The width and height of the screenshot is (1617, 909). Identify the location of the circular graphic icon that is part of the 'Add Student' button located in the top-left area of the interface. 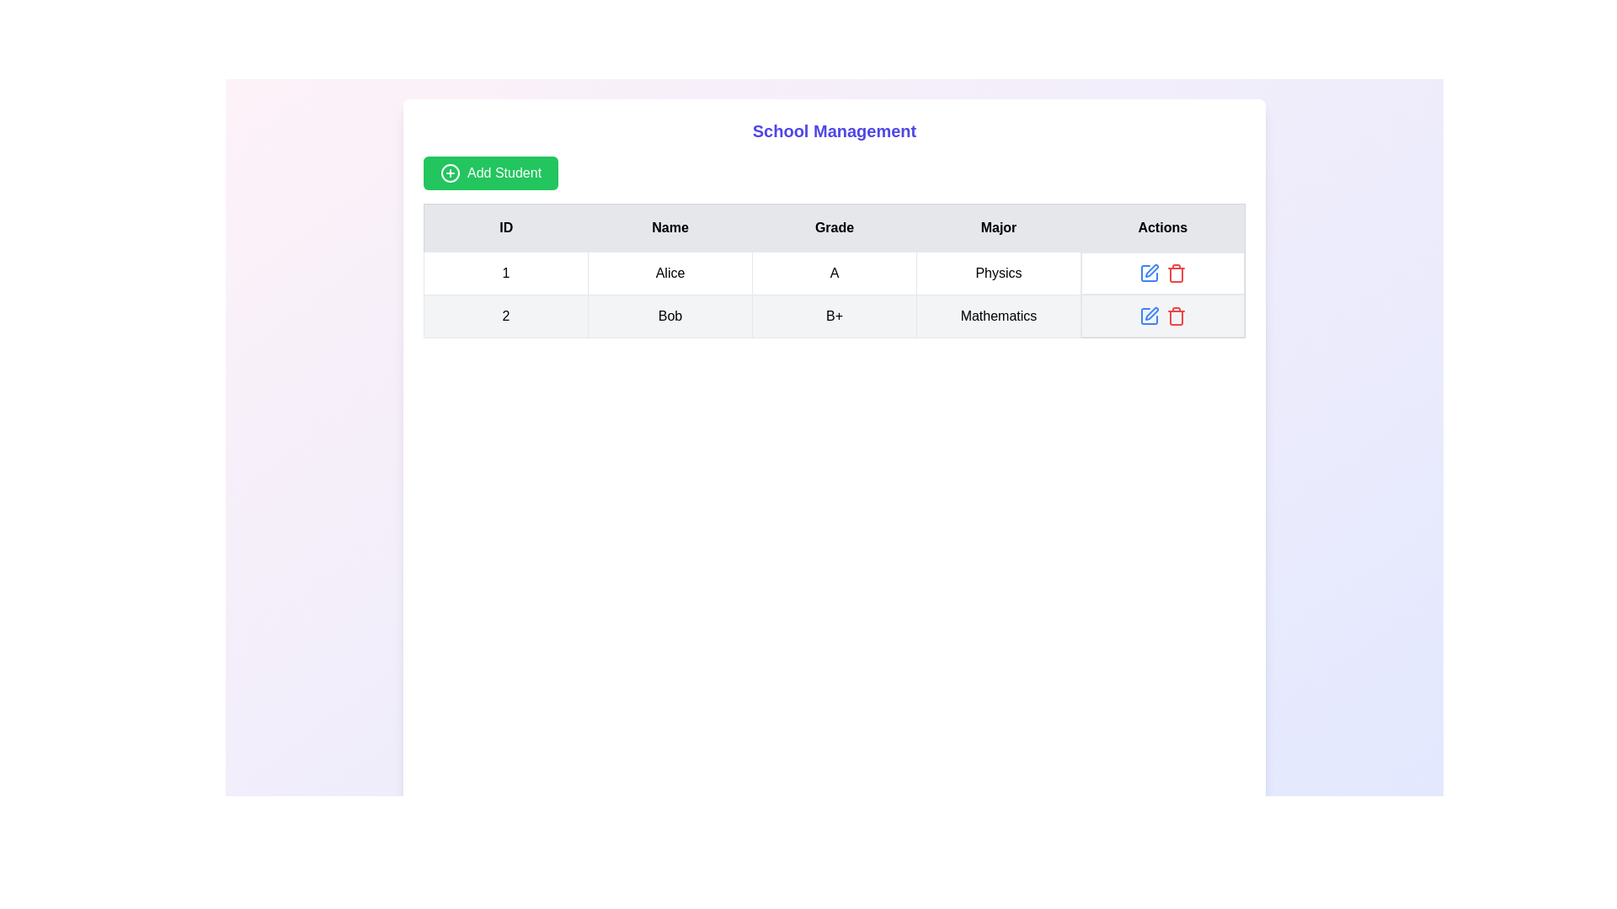
(450, 173).